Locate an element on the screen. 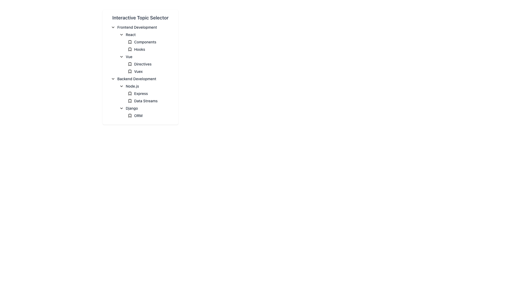 The image size is (505, 284). the 'Express' list item with a bookmark icon is located at coordinates (147, 93).